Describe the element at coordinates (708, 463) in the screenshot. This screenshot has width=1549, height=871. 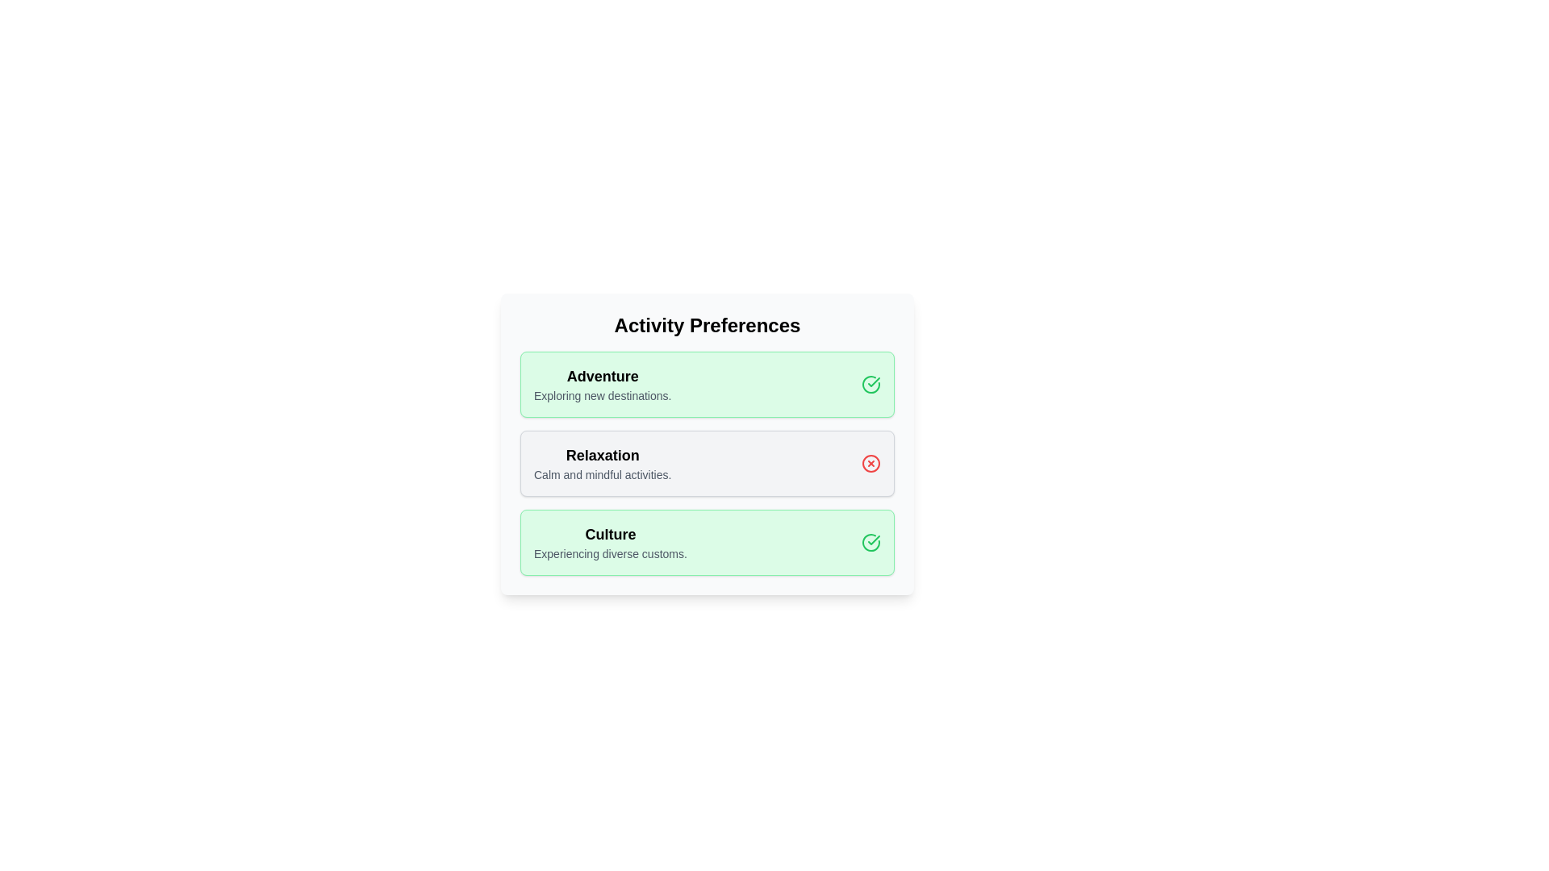
I see `the chip labeled 'Relaxation'` at that location.